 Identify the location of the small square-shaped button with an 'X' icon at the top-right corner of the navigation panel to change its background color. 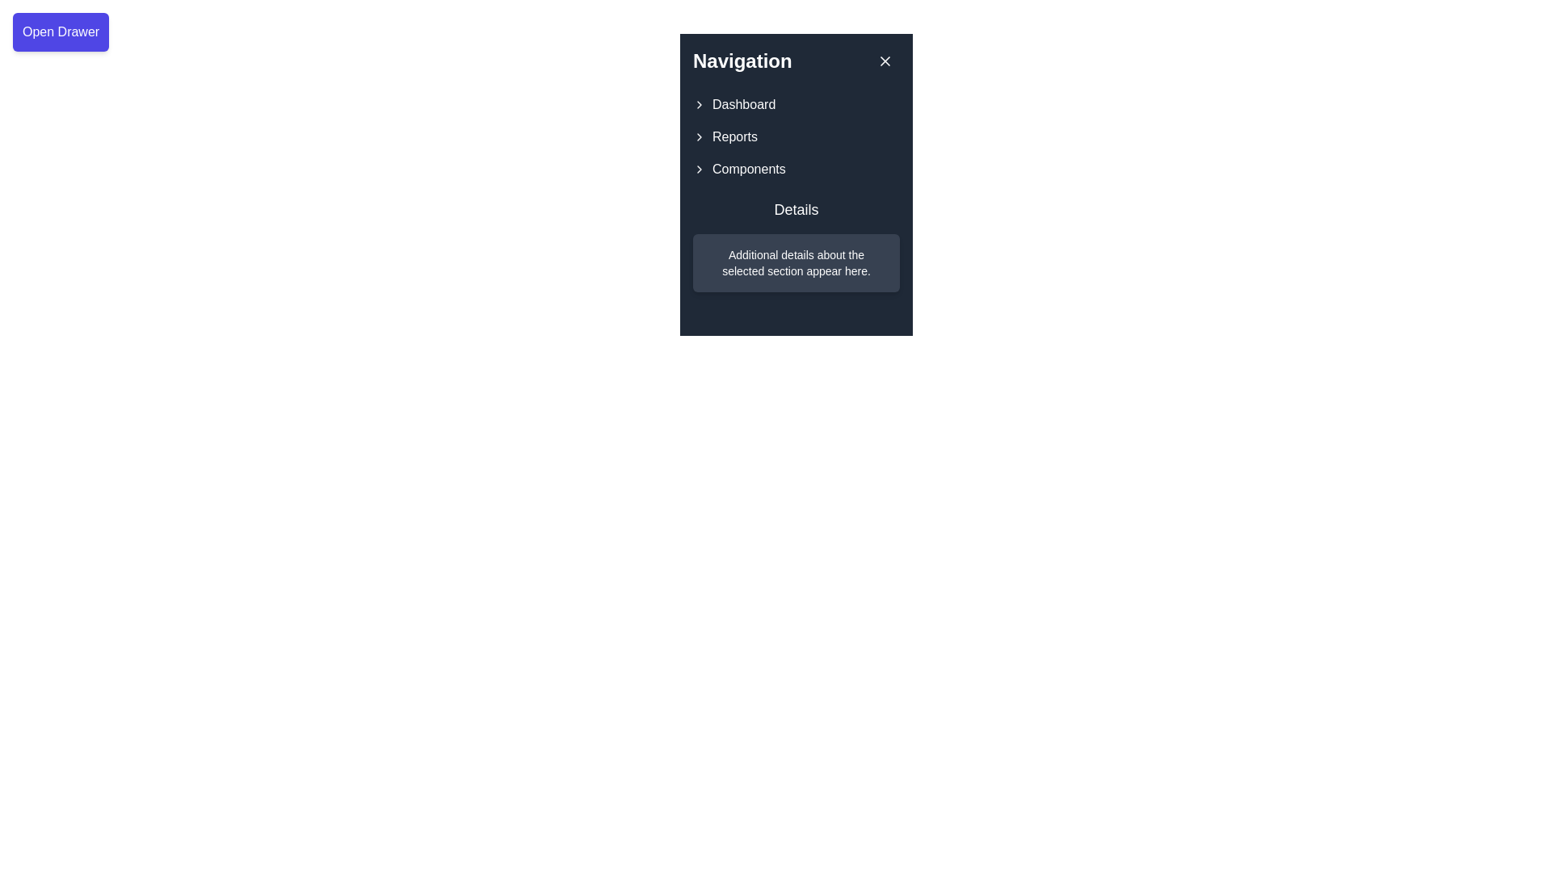
(884, 61).